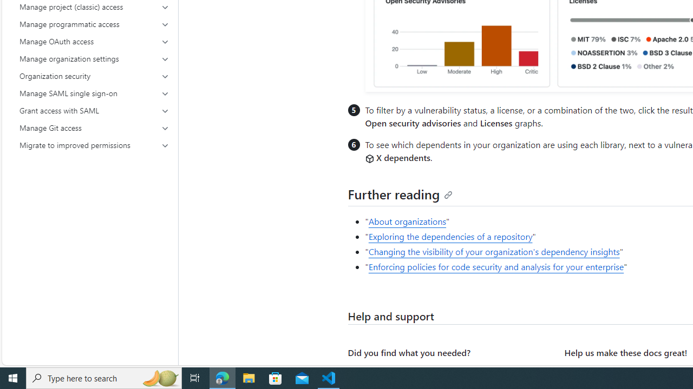 The image size is (693, 389). Describe the element at coordinates (94, 41) in the screenshot. I see `'Manage OAuth access'` at that location.